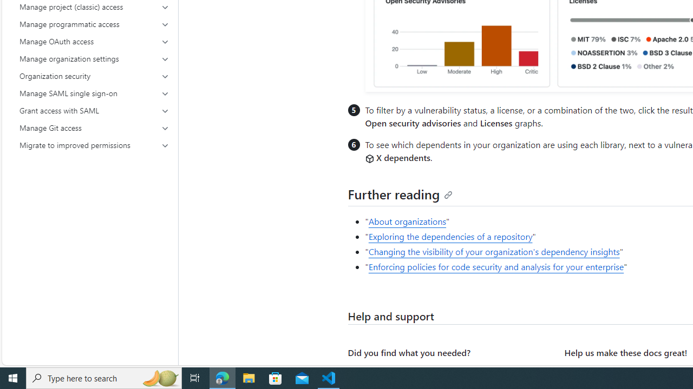 The image size is (693, 389). Describe the element at coordinates (94, 41) in the screenshot. I see `'Manage OAuth access'` at that location.